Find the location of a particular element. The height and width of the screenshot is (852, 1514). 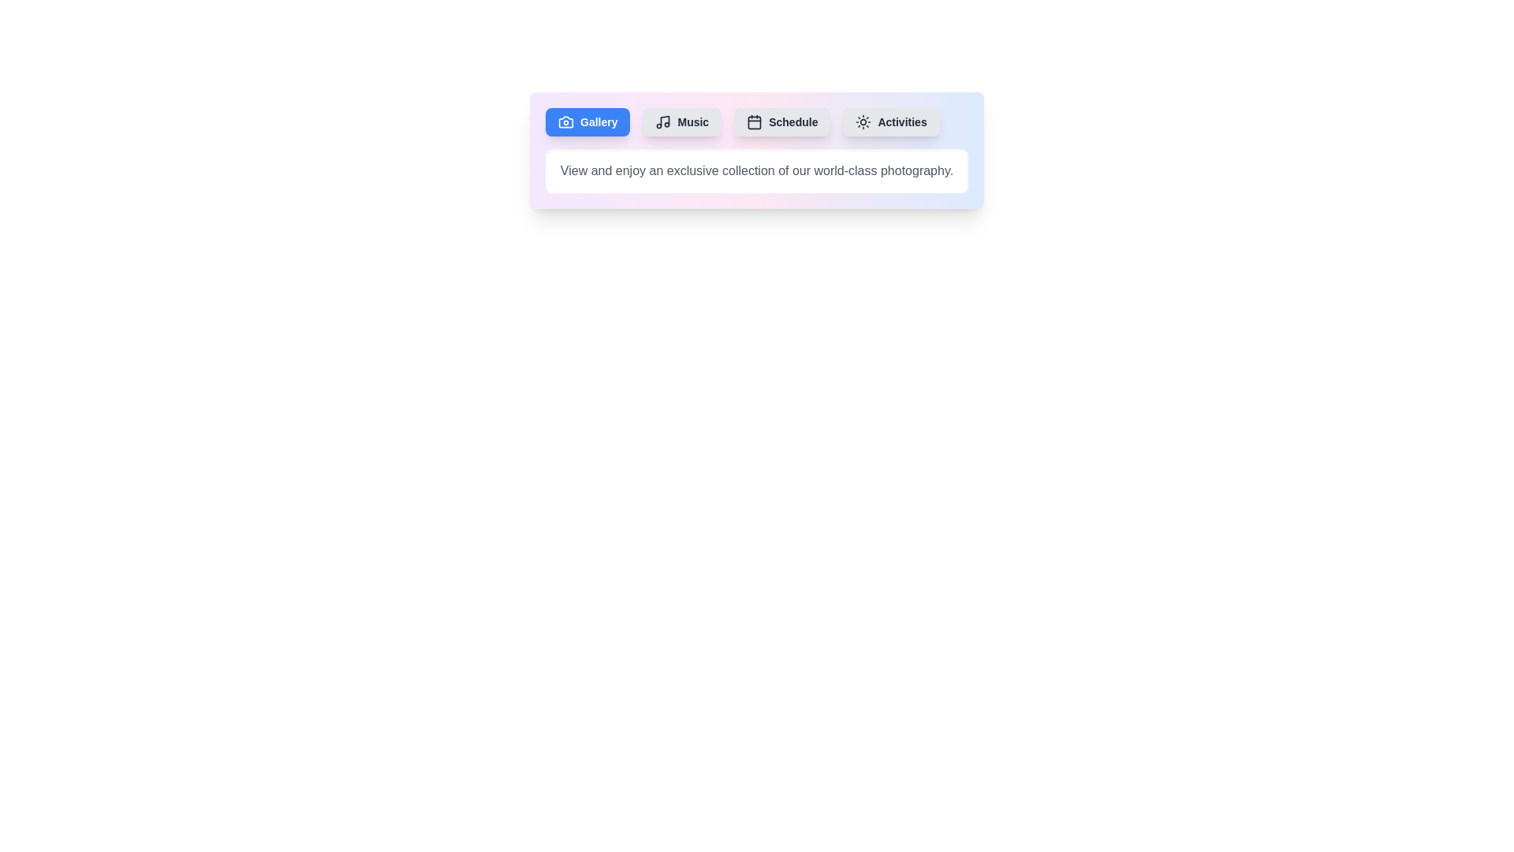

the tab labeled Activities is located at coordinates (891, 121).